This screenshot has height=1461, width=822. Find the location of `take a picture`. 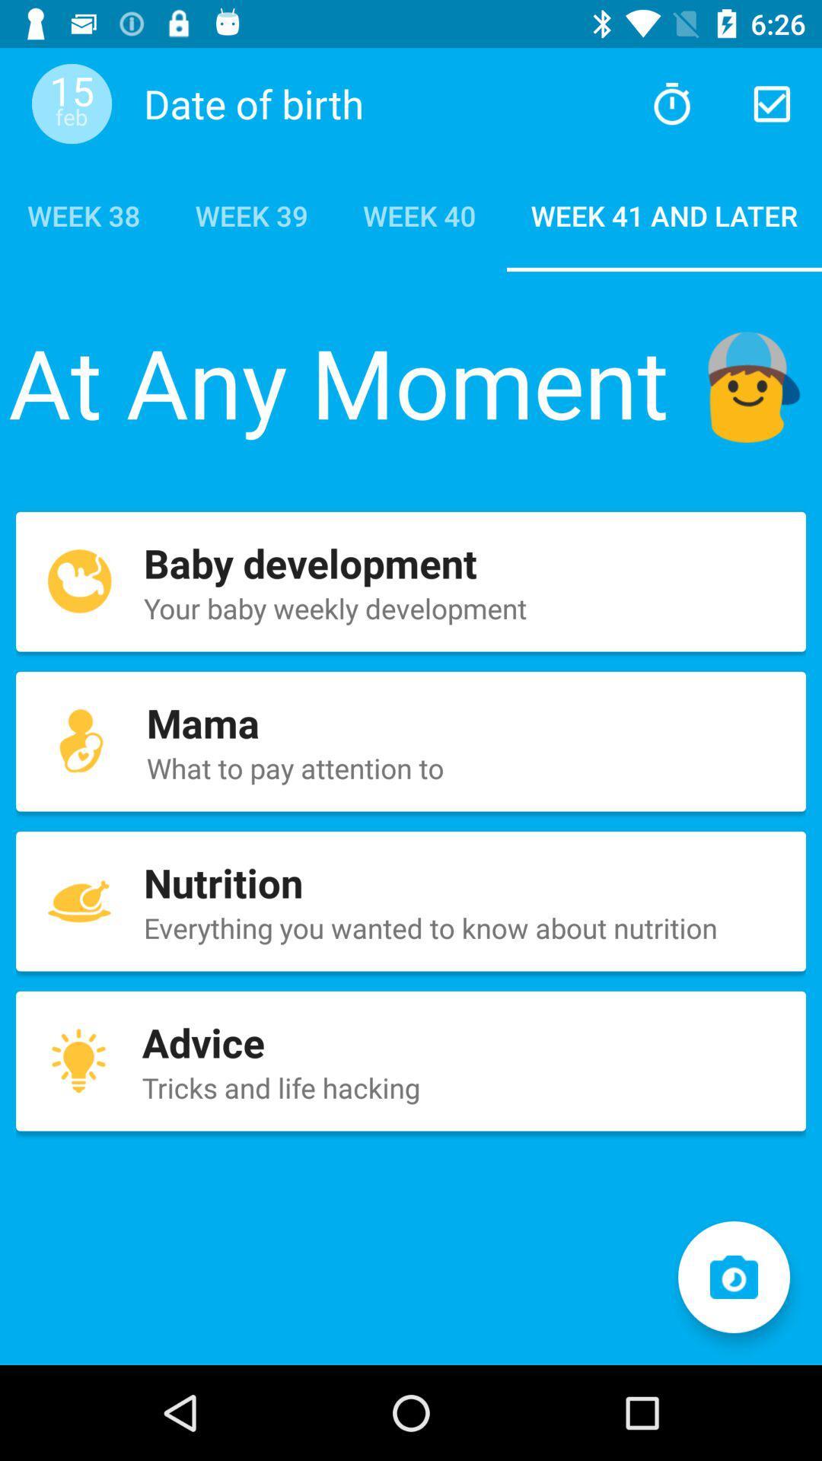

take a picture is located at coordinates (733, 1277).